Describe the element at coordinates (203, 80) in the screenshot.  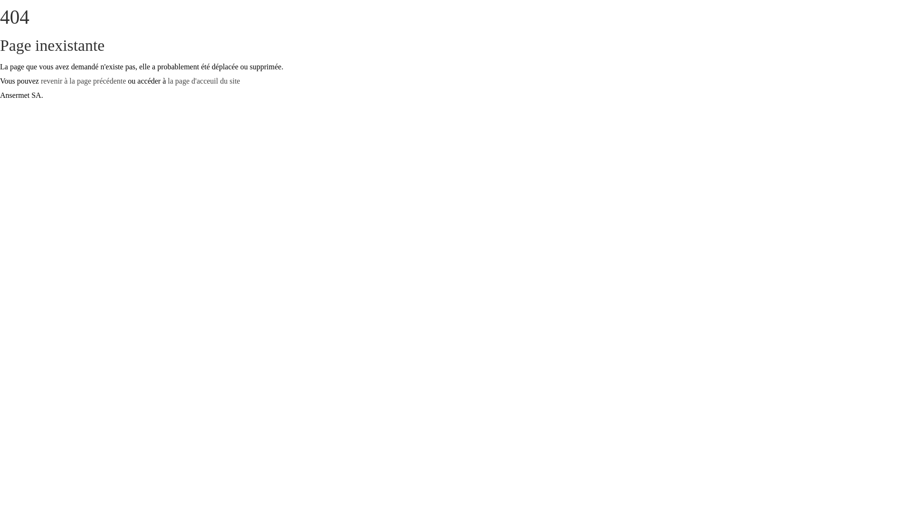
I see `'la page d'acceuil du site'` at that location.